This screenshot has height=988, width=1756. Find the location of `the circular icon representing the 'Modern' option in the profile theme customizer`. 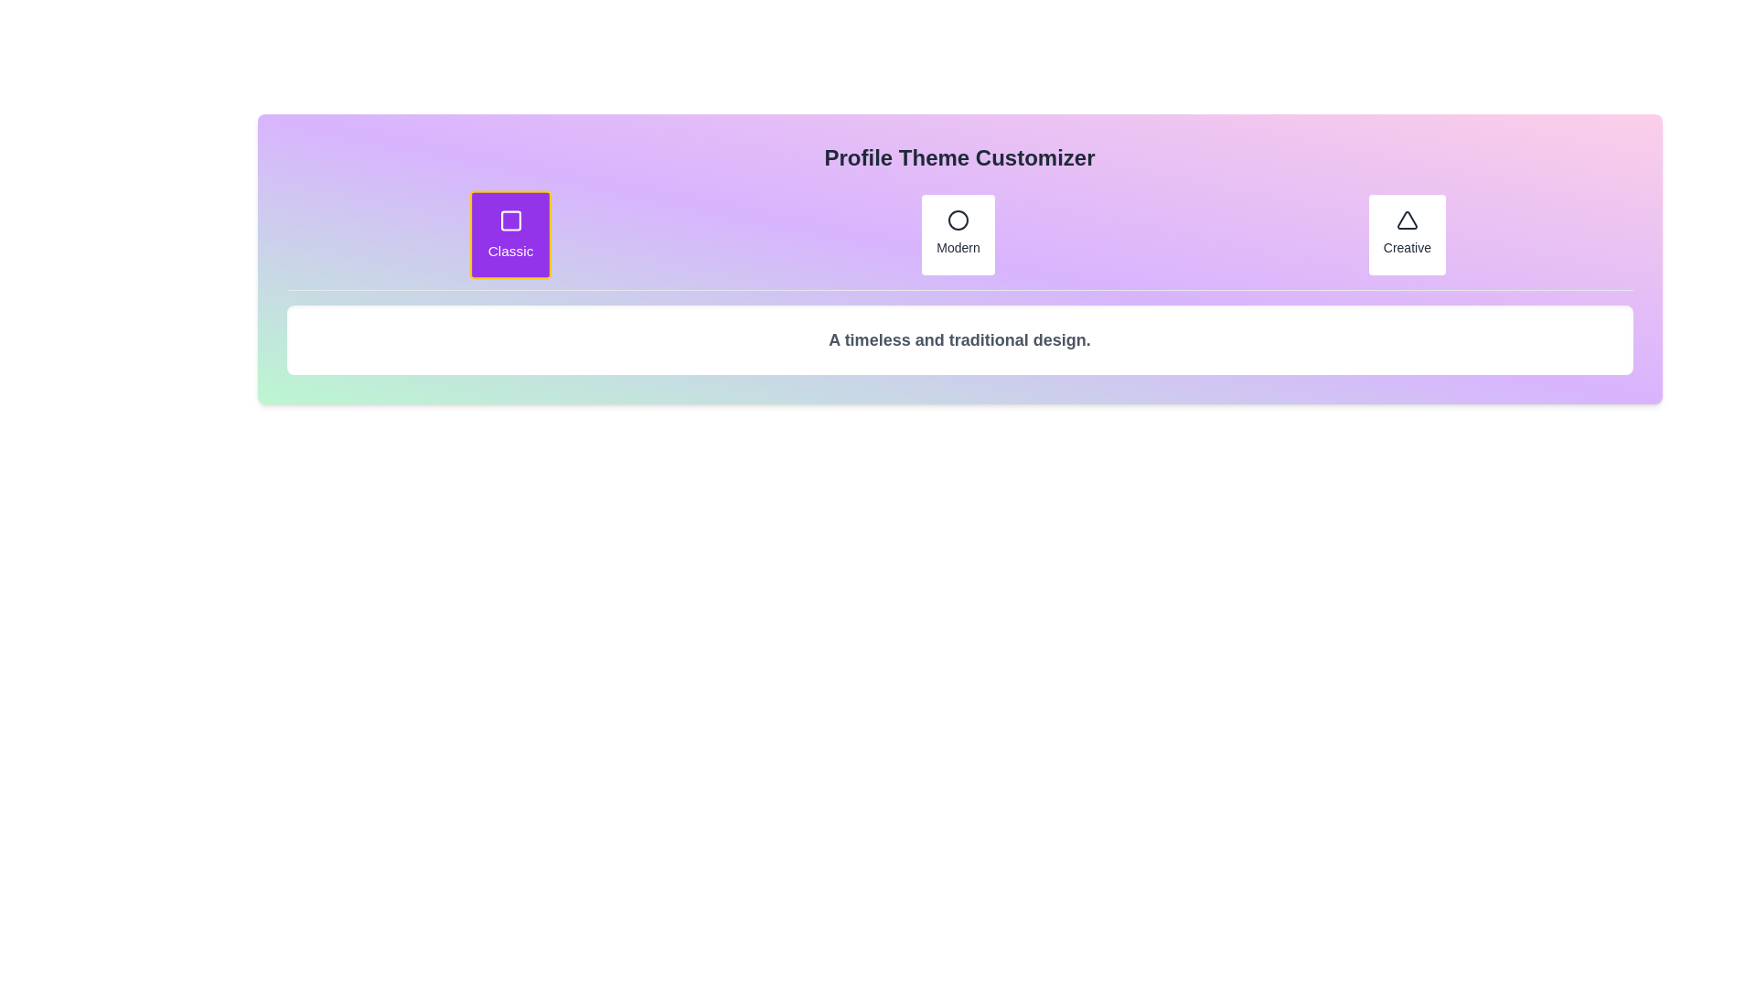

the circular icon representing the 'Modern' option in the profile theme customizer is located at coordinates (957, 219).